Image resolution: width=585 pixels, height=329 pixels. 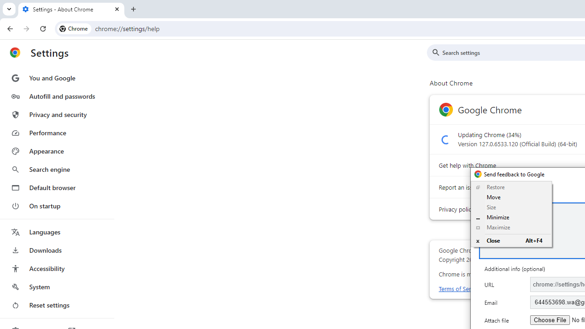 What do you see at coordinates (56, 133) in the screenshot?
I see `'Performance'` at bounding box center [56, 133].